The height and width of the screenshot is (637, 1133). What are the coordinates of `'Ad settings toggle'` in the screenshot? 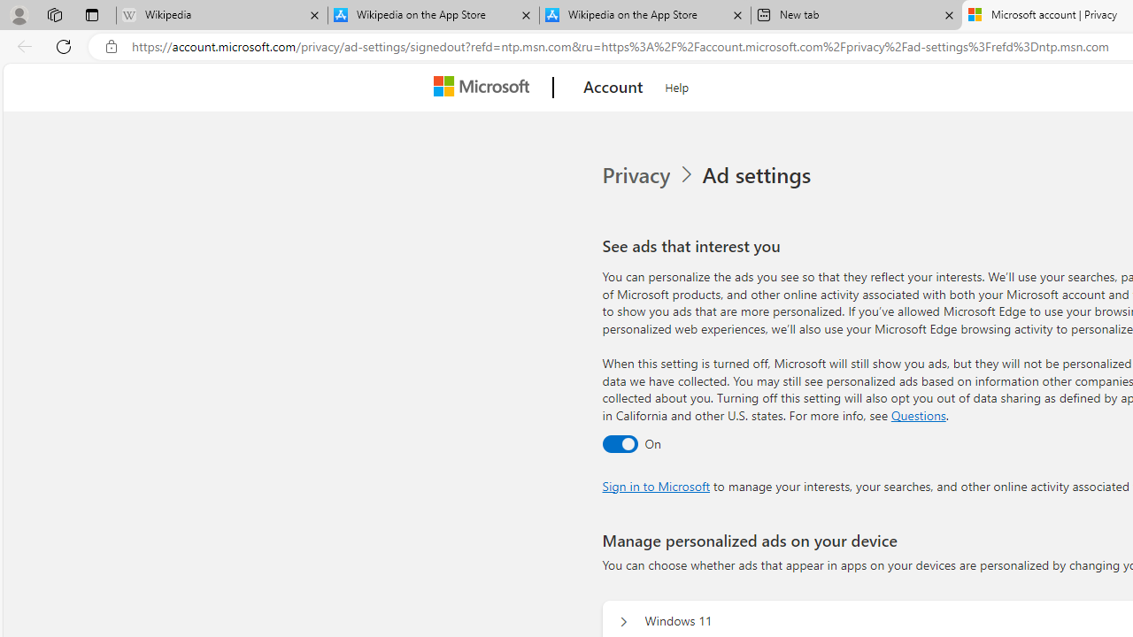 It's located at (620, 442).